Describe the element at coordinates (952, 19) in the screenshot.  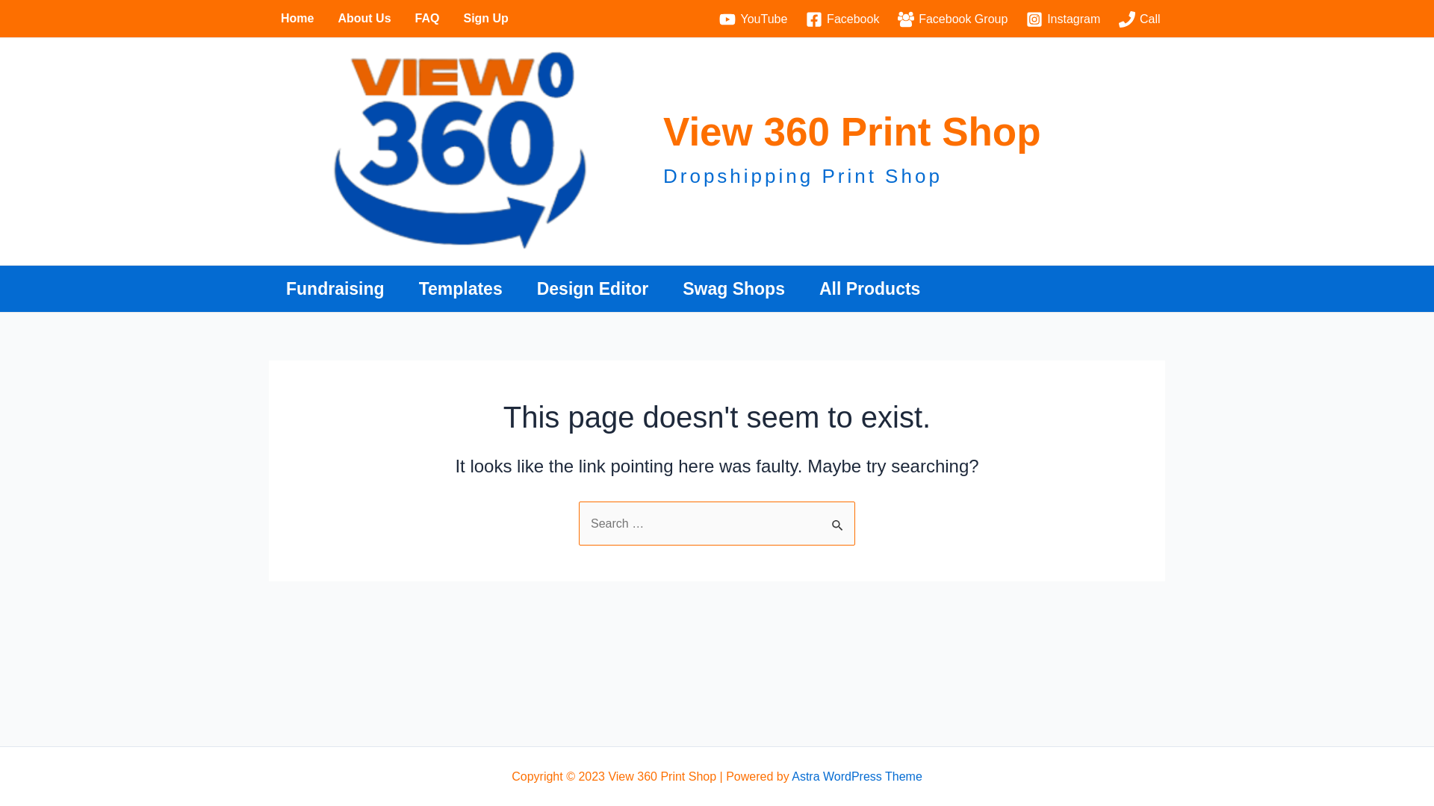
I see `'Facebook Group'` at that location.